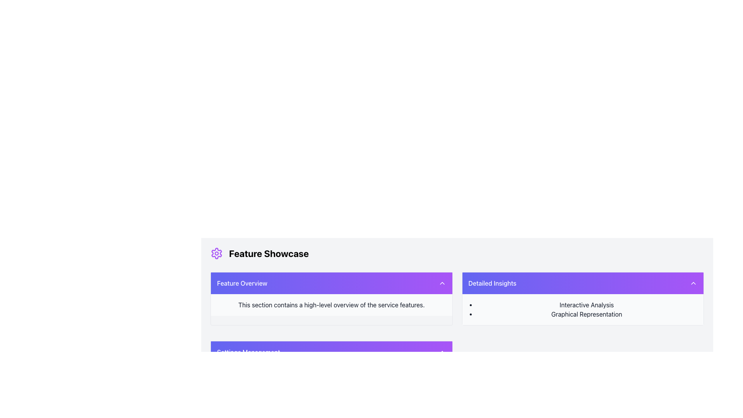 This screenshot has height=418, width=743. Describe the element at coordinates (693, 283) in the screenshot. I see `the chevron icon on the far right end of the 'Detailed Insights' section header` at that location.